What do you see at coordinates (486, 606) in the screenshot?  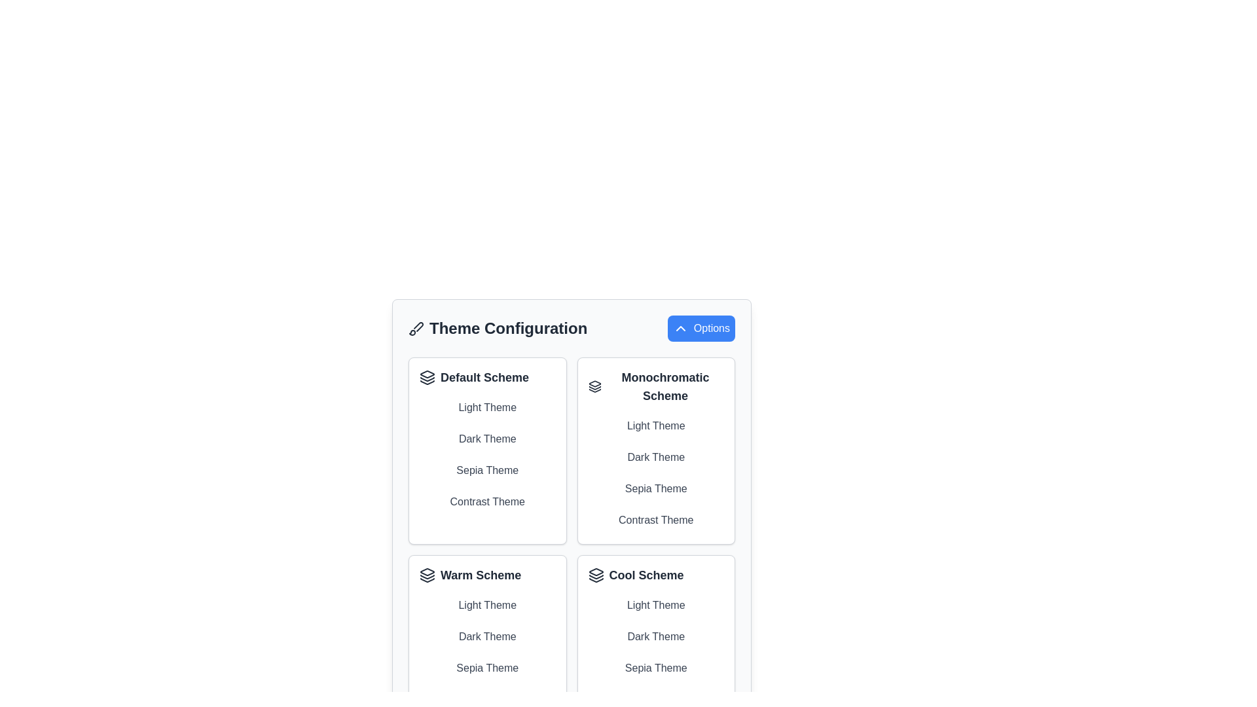 I see `the 'Light Theme' selectable text label located under the 'Warm Scheme' section in the bottom-left quadrant of the interface` at bounding box center [486, 606].